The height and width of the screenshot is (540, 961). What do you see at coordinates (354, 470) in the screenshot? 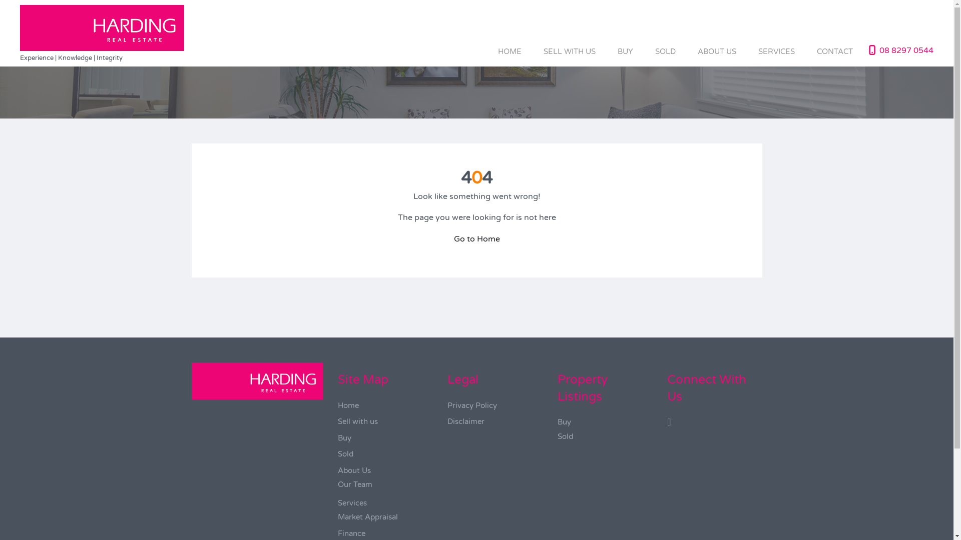
I see `'About Us'` at bounding box center [354, 470].